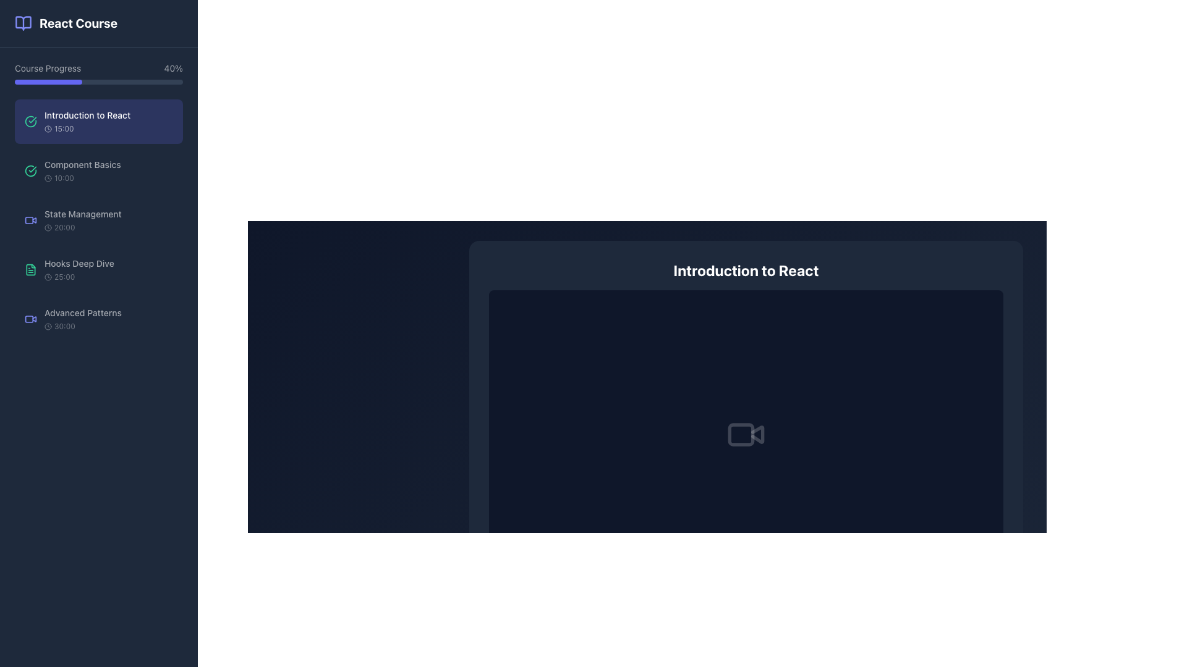 The width and height of the screenshot is (1187, 667). I want to click on the text label 'React Course' which is styled with a bold font and white color located at the top of the left sidebar panel, positioned immediately to the right of a book icon, so click(78, 23).